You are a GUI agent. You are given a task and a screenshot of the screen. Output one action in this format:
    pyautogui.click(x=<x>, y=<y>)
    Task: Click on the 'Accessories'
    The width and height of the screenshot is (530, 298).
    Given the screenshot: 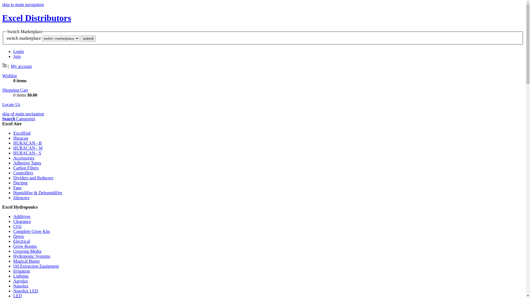 What is the action you would take?
    pyautogui.click(x=23, y=158)
    